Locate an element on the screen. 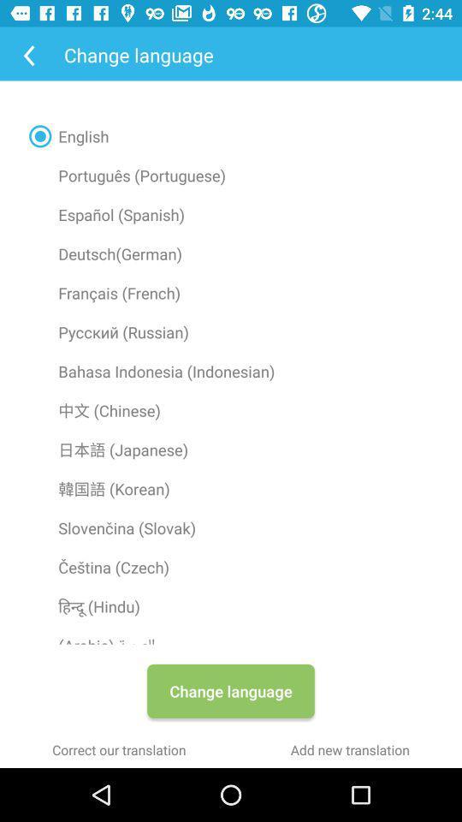 This screenshot has width=462, height=822. the item next to add new translation icon is located at coordinates (118, 748).